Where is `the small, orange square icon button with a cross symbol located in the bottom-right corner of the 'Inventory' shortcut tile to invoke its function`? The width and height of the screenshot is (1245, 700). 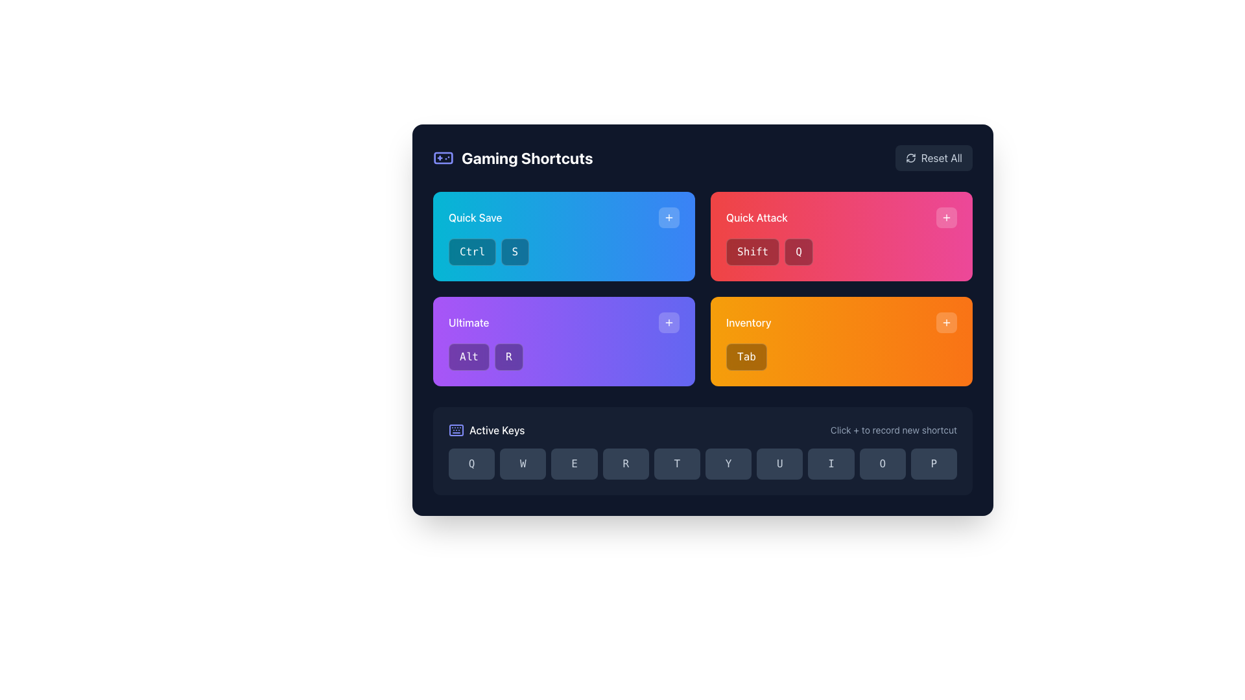 the small, orange square icon button with a cross symbol located in the bottom-right corner of the 'Inventory' shortcut tile to invoke its function is located at coordinates (946, 321).